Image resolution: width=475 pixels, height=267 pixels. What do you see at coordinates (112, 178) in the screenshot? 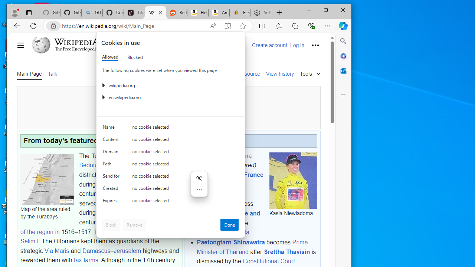
I see `'Send for'` at bounding box center [112, 178].